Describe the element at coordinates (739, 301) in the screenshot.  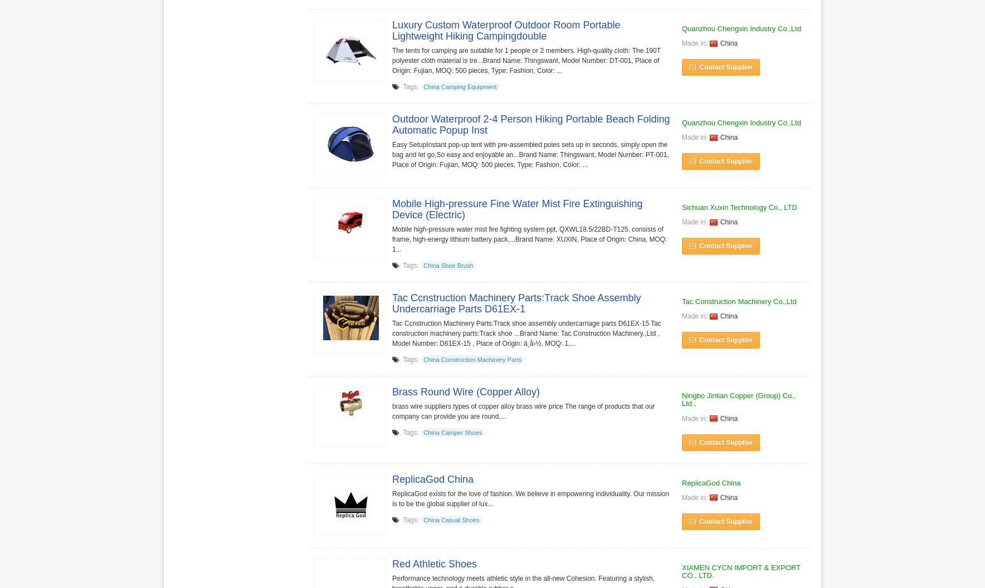
I see `'Tac Construction Machinery Co.,Ltd'` at that location.